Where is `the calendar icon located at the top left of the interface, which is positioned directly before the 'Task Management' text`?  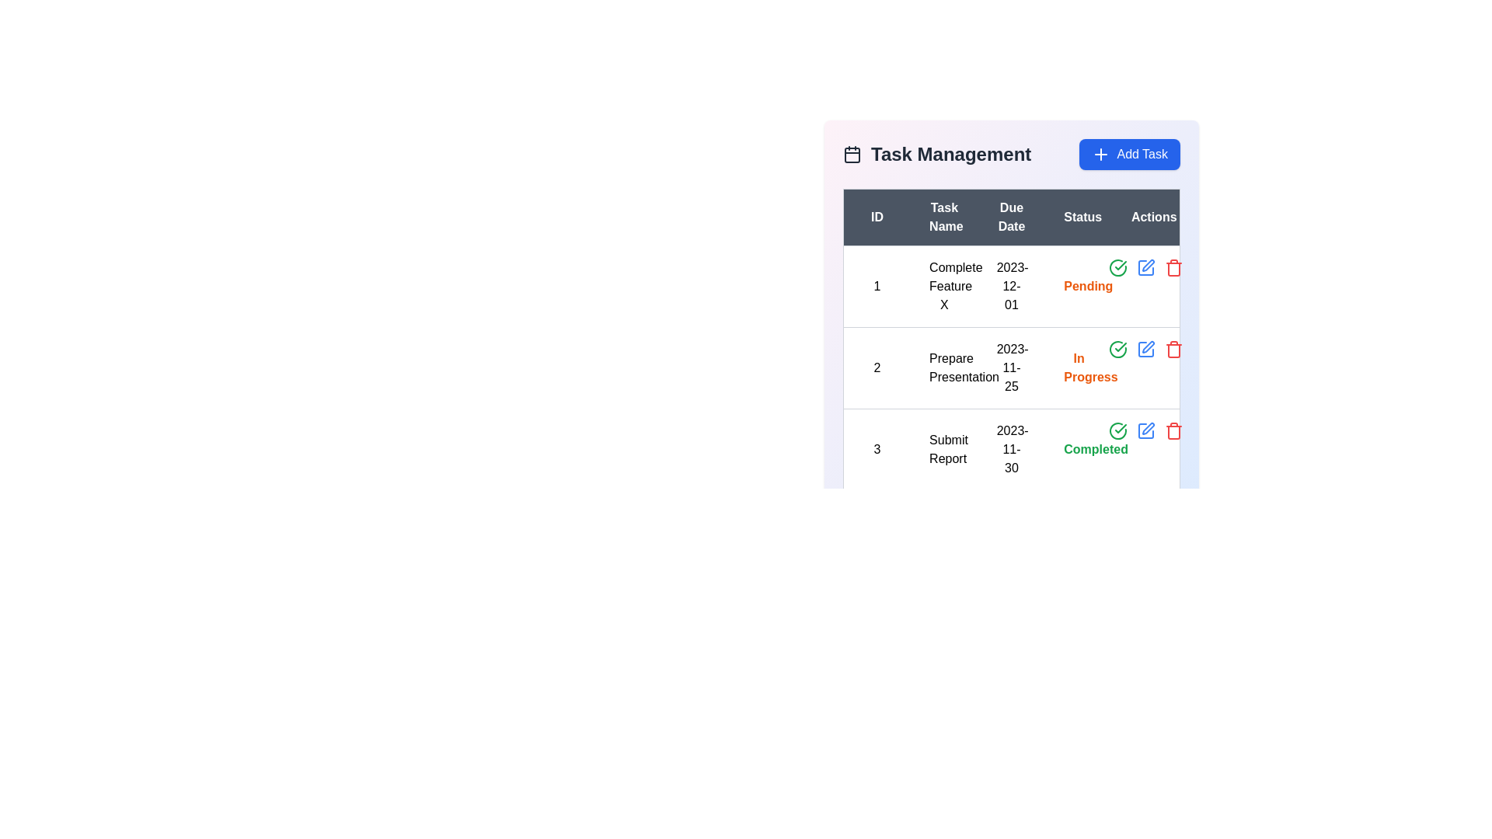 the calendar icon located at the top left of the interface, which is positioned directly before the 'Task Management' text is located at coordinates (852, 155).